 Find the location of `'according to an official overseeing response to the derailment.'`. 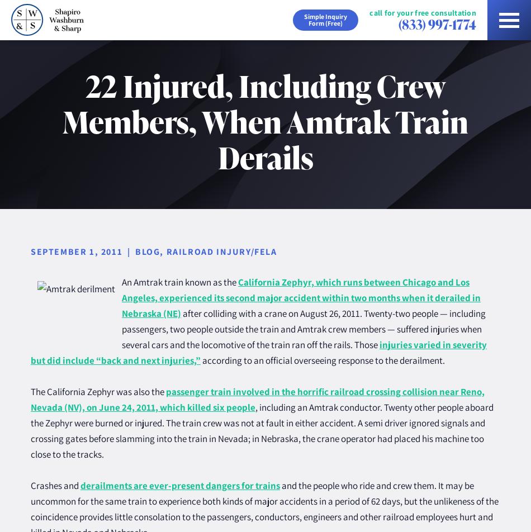

'according to an official overseeing response to the derailment.' is located at coordinates (200, 360).